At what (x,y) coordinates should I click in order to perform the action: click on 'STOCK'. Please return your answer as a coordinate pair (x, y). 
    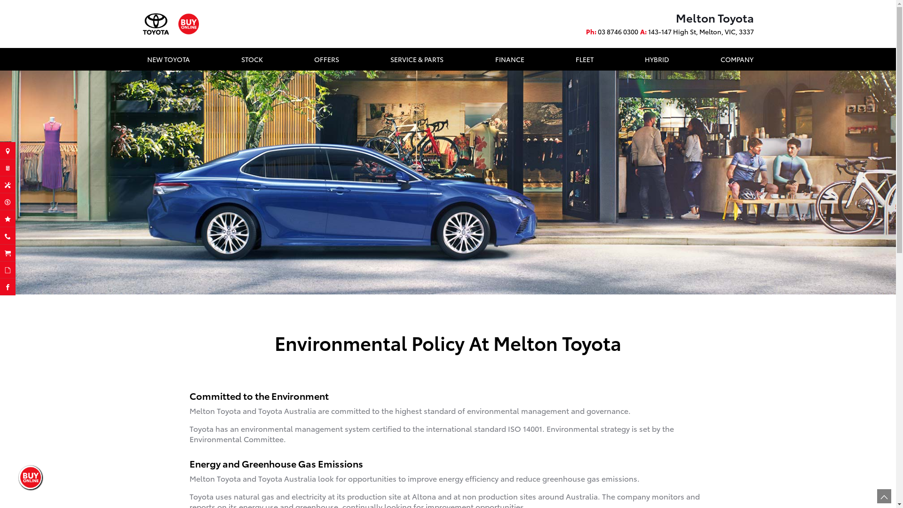
    Looking at the image, I should click on (252, 59).